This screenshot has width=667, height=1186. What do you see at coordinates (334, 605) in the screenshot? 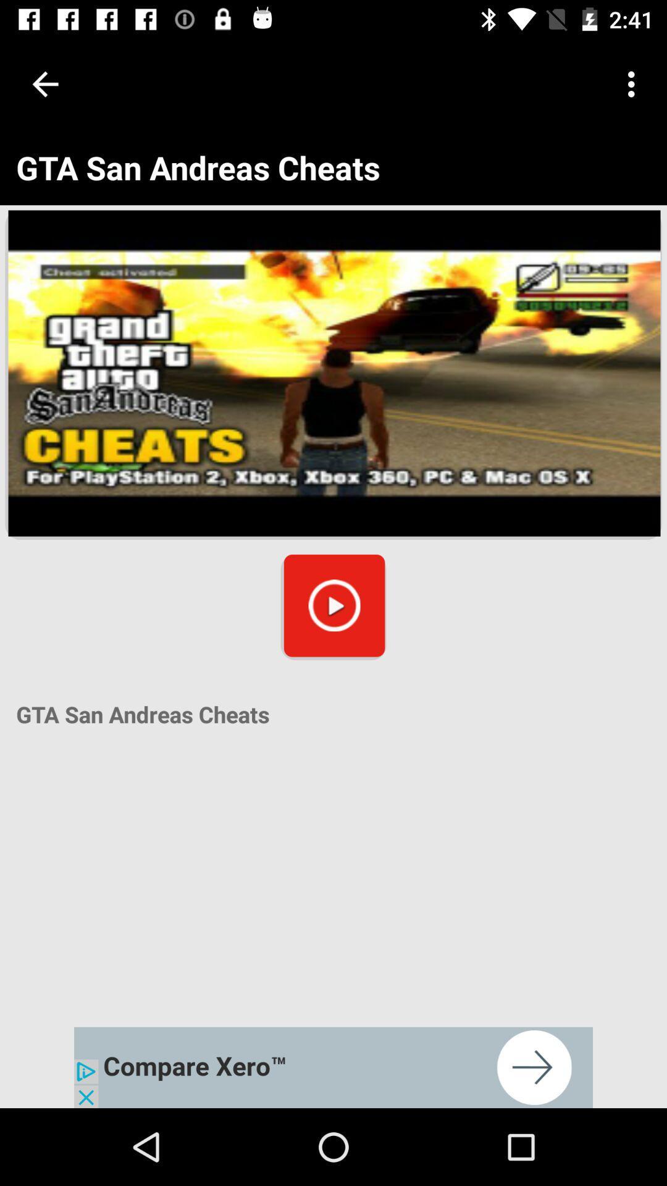
I see `the play icon` at bounding box center [334, 605].